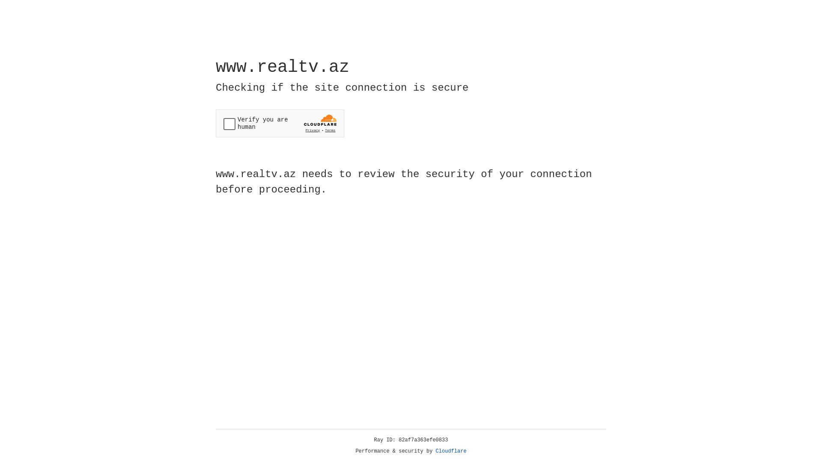 This screenshot has width=822, height=462. What do you see at coordinates (280, 123) in the screenshot?
I see `'Widget containing a Cloudflare security challenge'` at bounding box center [280, 123].